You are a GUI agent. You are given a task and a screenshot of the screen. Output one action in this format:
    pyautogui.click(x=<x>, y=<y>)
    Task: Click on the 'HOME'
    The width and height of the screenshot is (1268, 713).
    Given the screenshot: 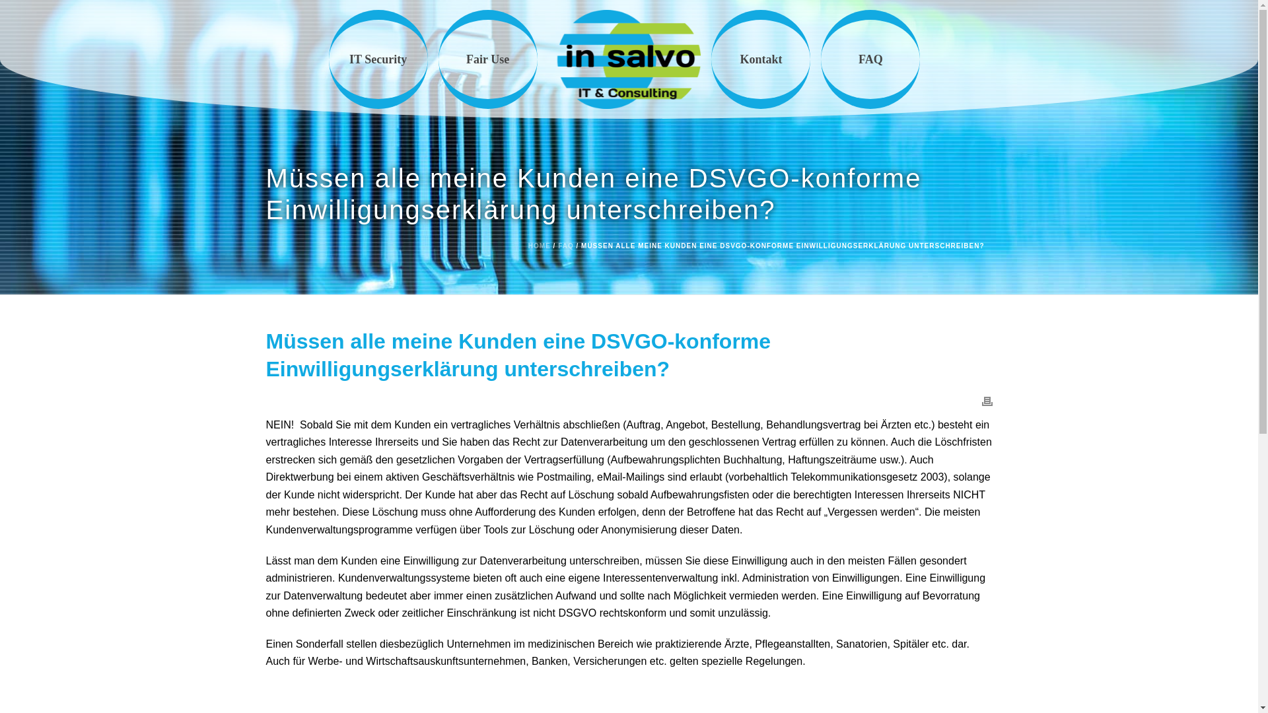 What is the action you would take?
    pyautogui.click(x=539, y=246)
    